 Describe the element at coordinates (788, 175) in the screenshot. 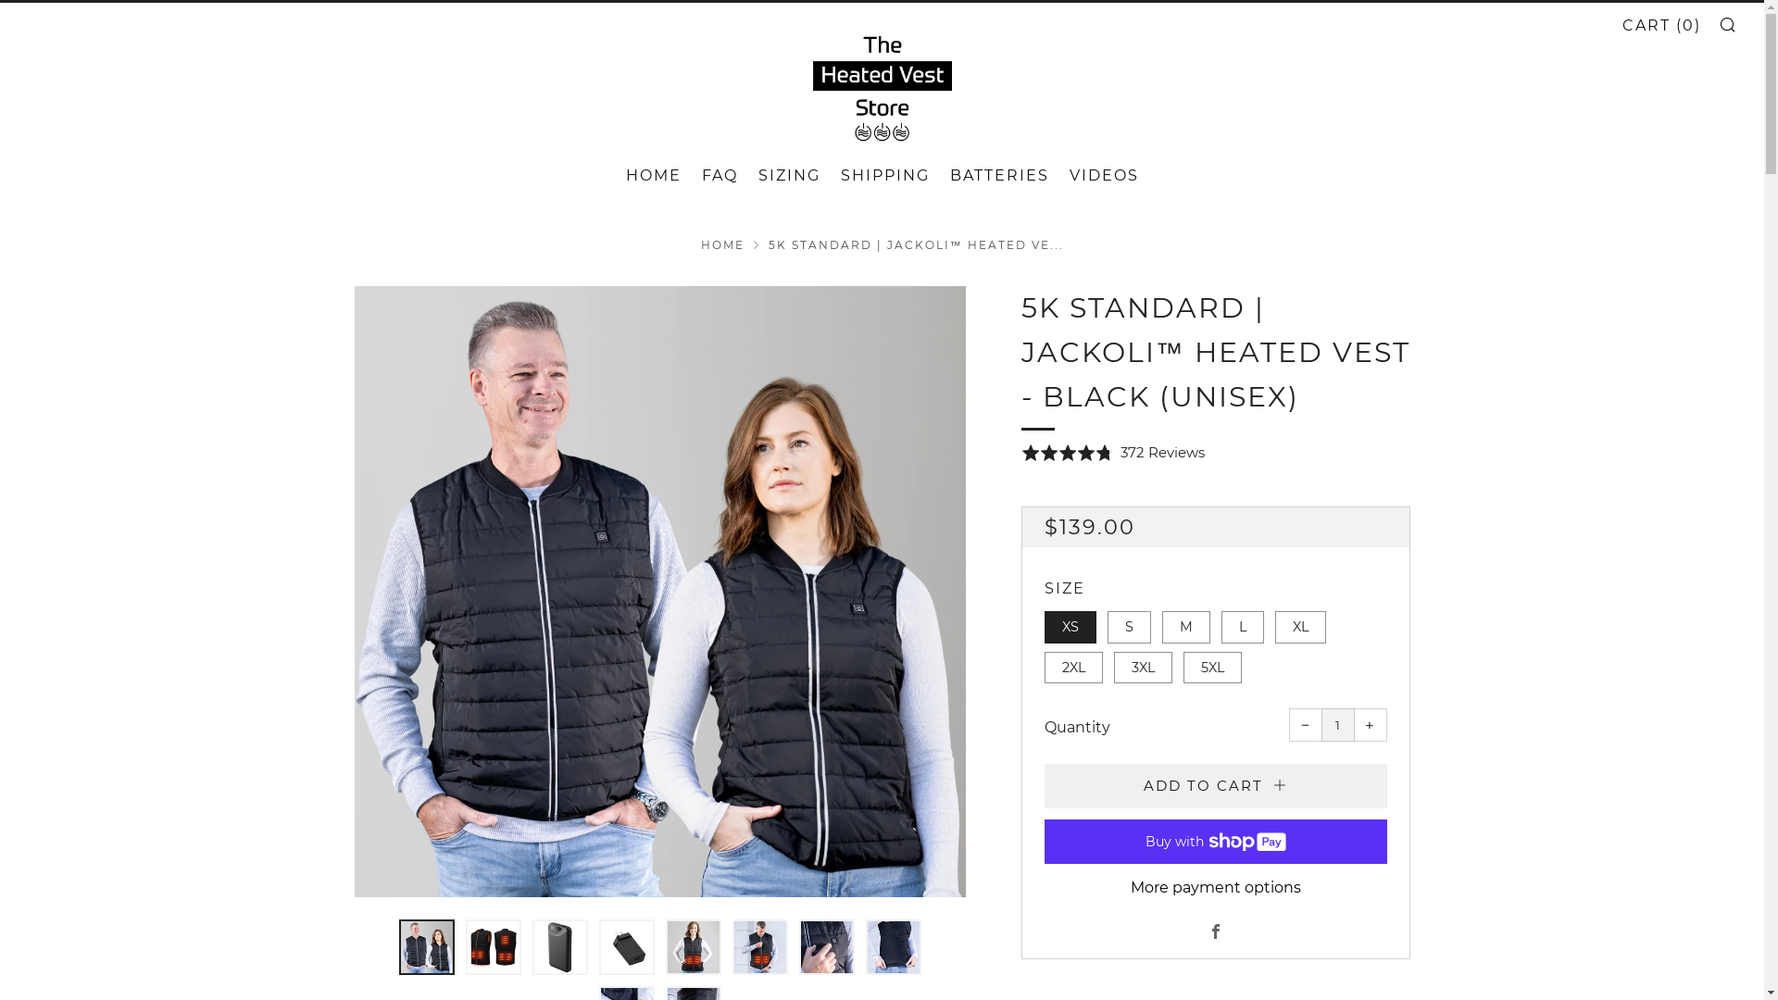

I see `'SIZING'` at that location.